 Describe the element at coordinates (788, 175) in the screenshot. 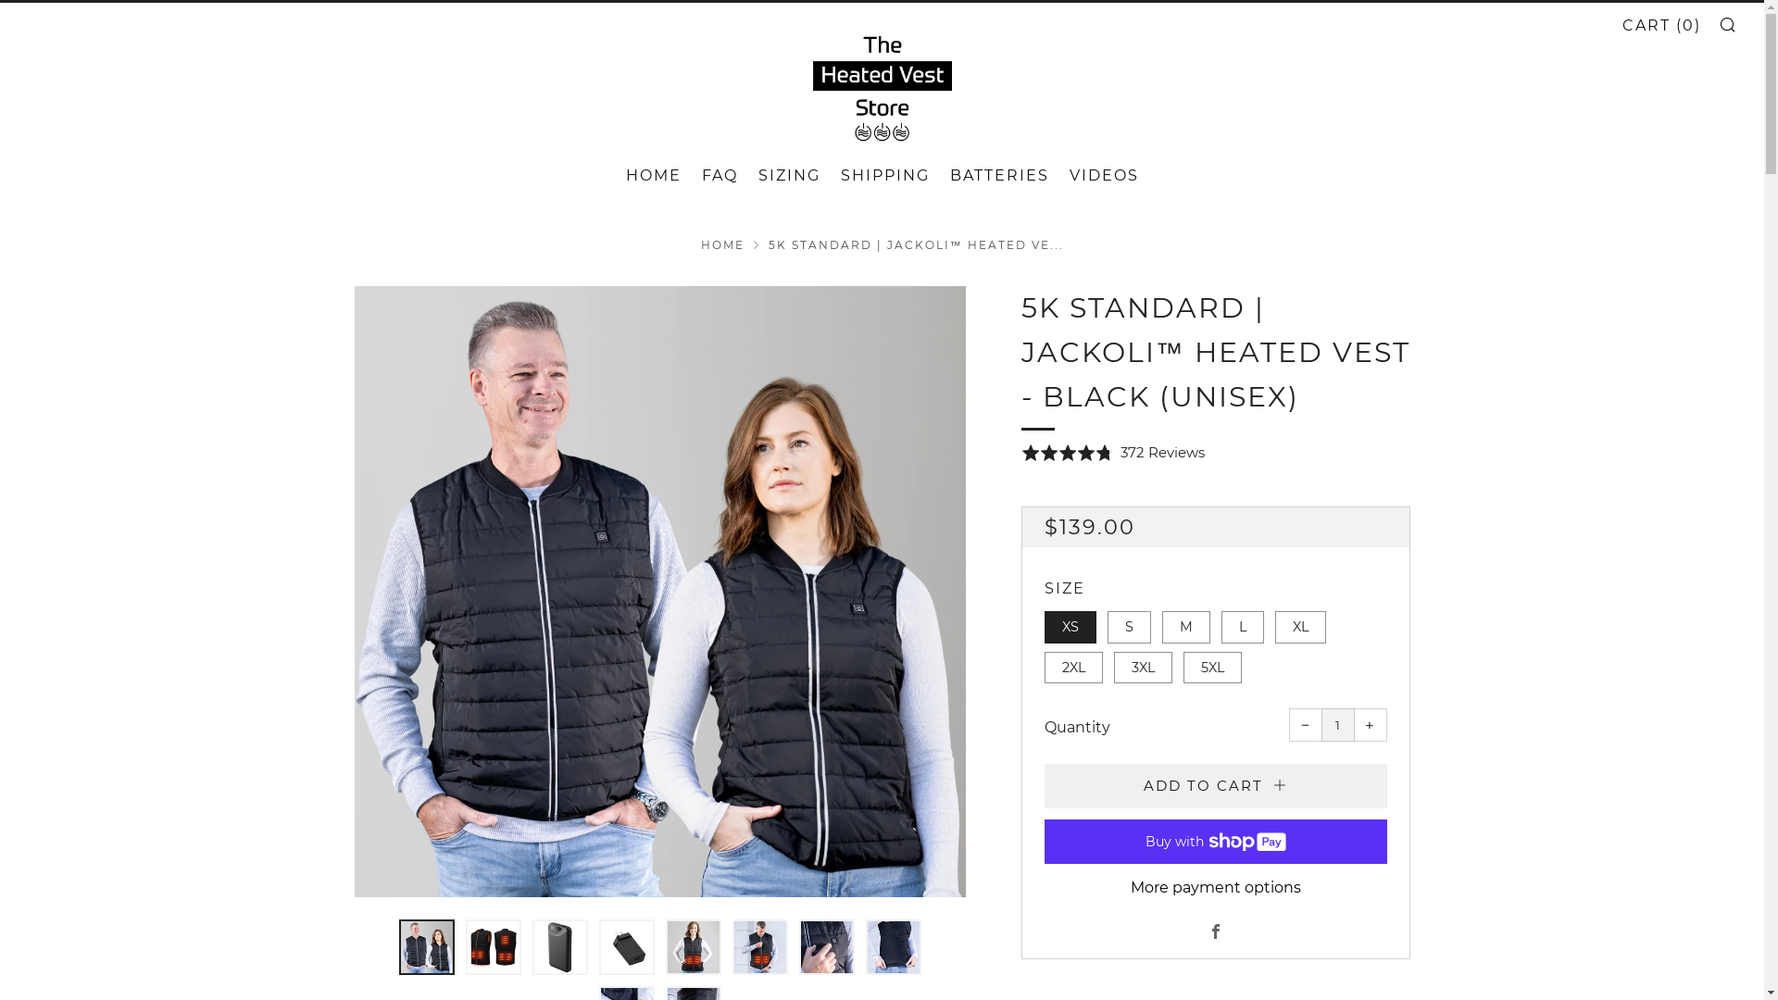

I see `'SIZING'` at that location.